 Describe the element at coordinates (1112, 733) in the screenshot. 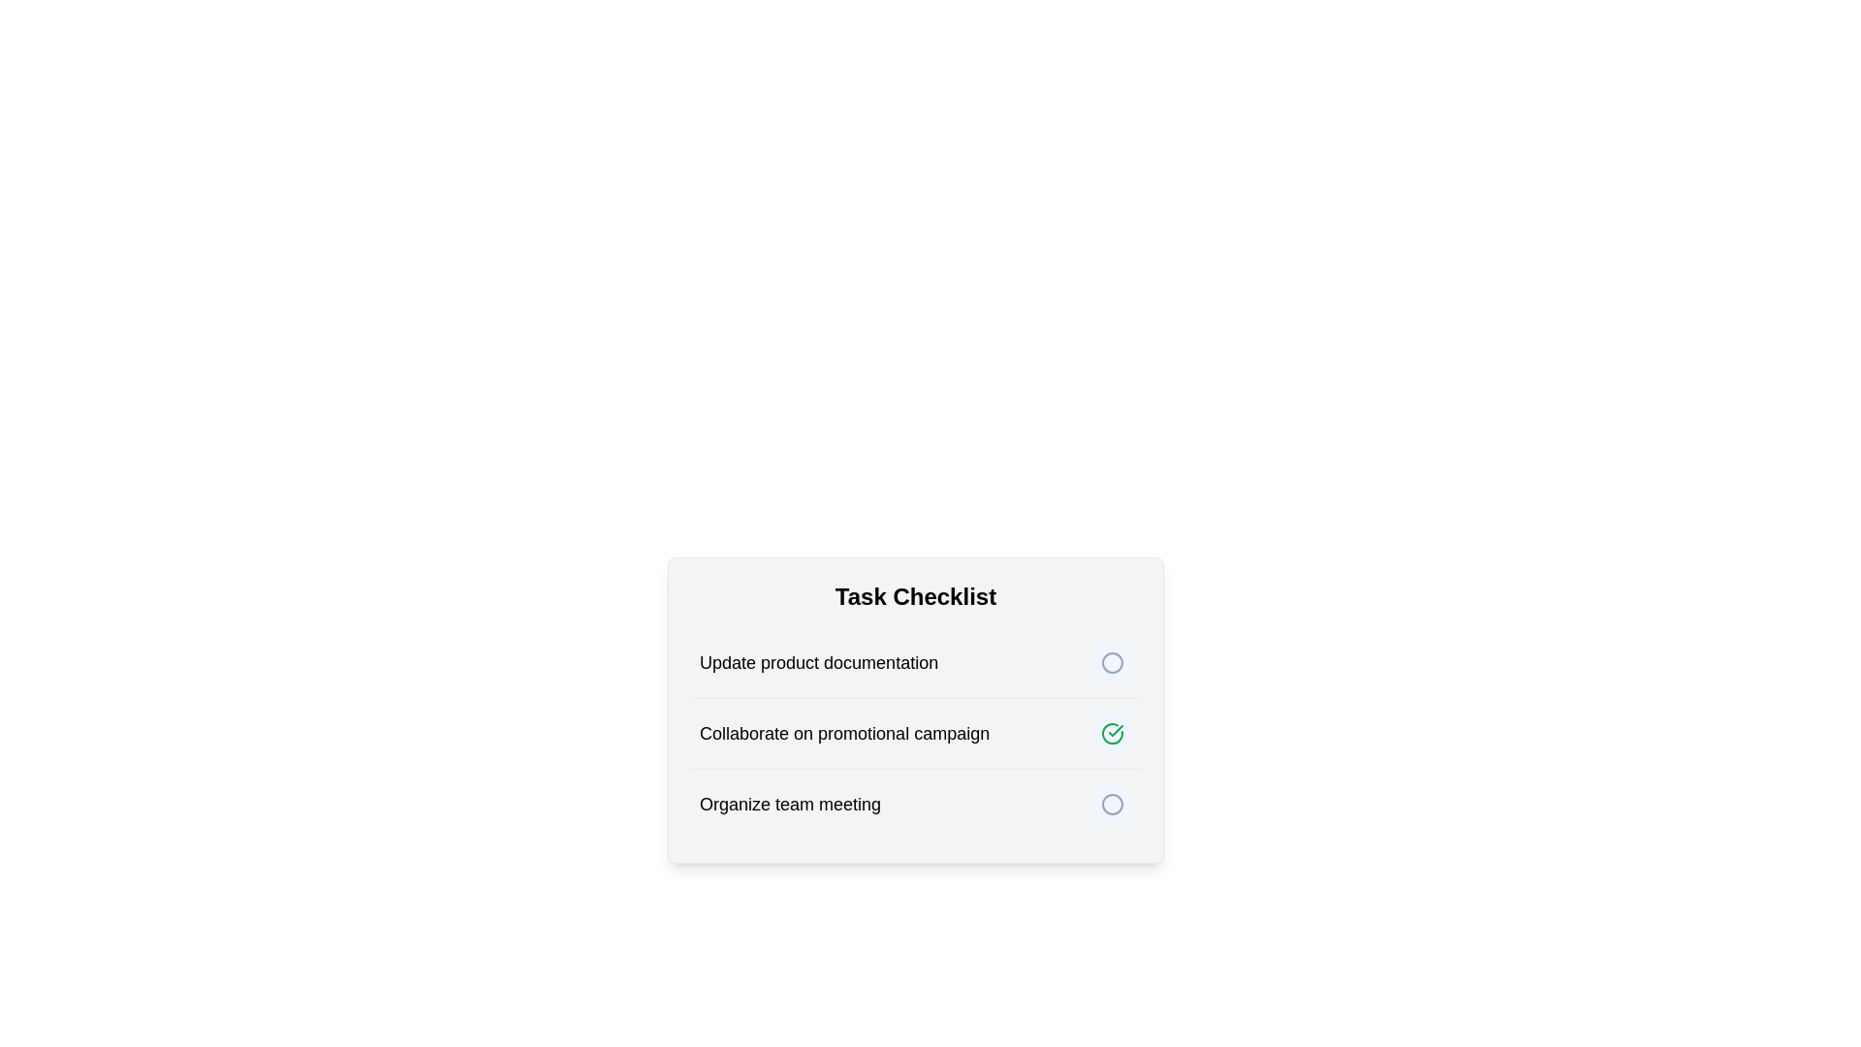

I see `the rounded icon with a checkmark inside it, styled with a green stroke, located in the second row of the 'Task Checklist' card, next to the text 'Collaborate on promotional campaign'` at that location.